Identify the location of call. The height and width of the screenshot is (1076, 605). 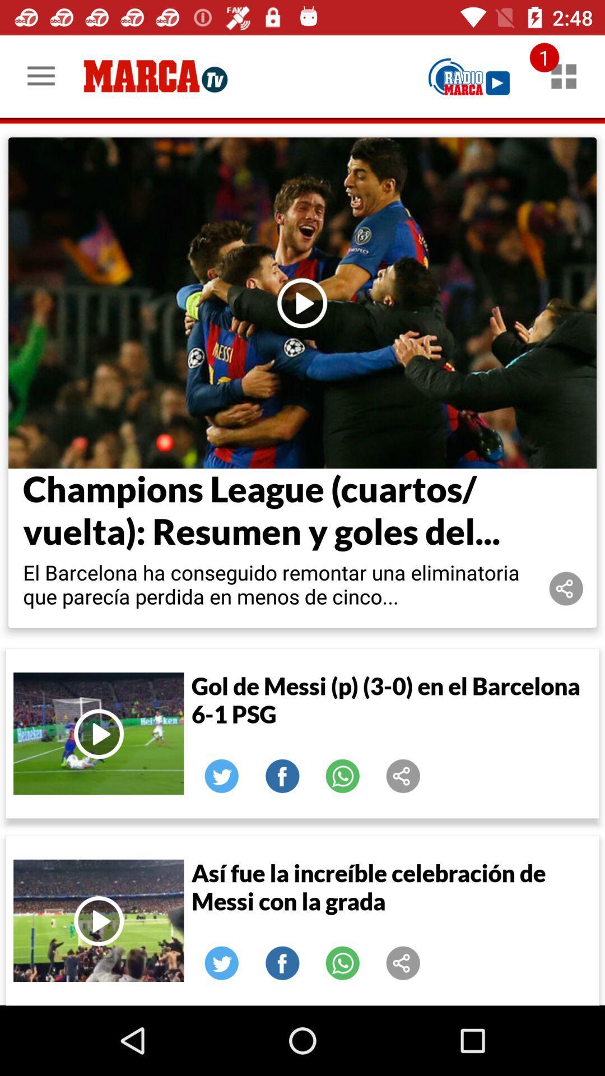
(342, 776).